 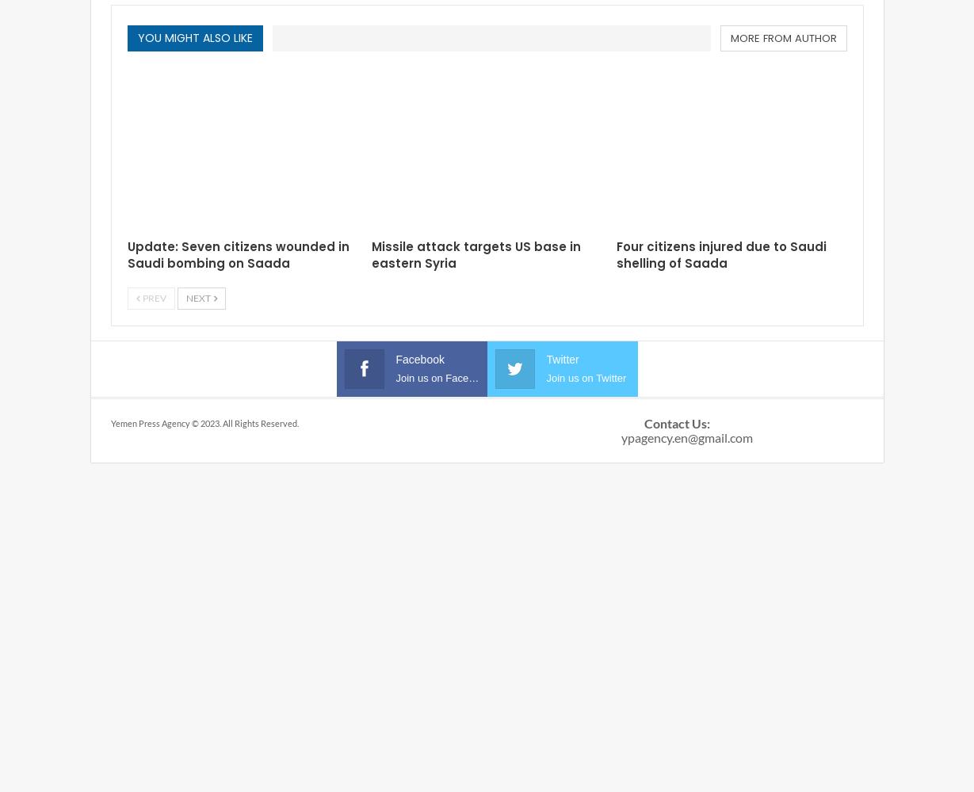 What do you see at coordinates (236, 253) in the screenshot?
I see `'Update: Seven citizens wounded in Saudi bombing on Saada'` at bounding box center [236, 253].